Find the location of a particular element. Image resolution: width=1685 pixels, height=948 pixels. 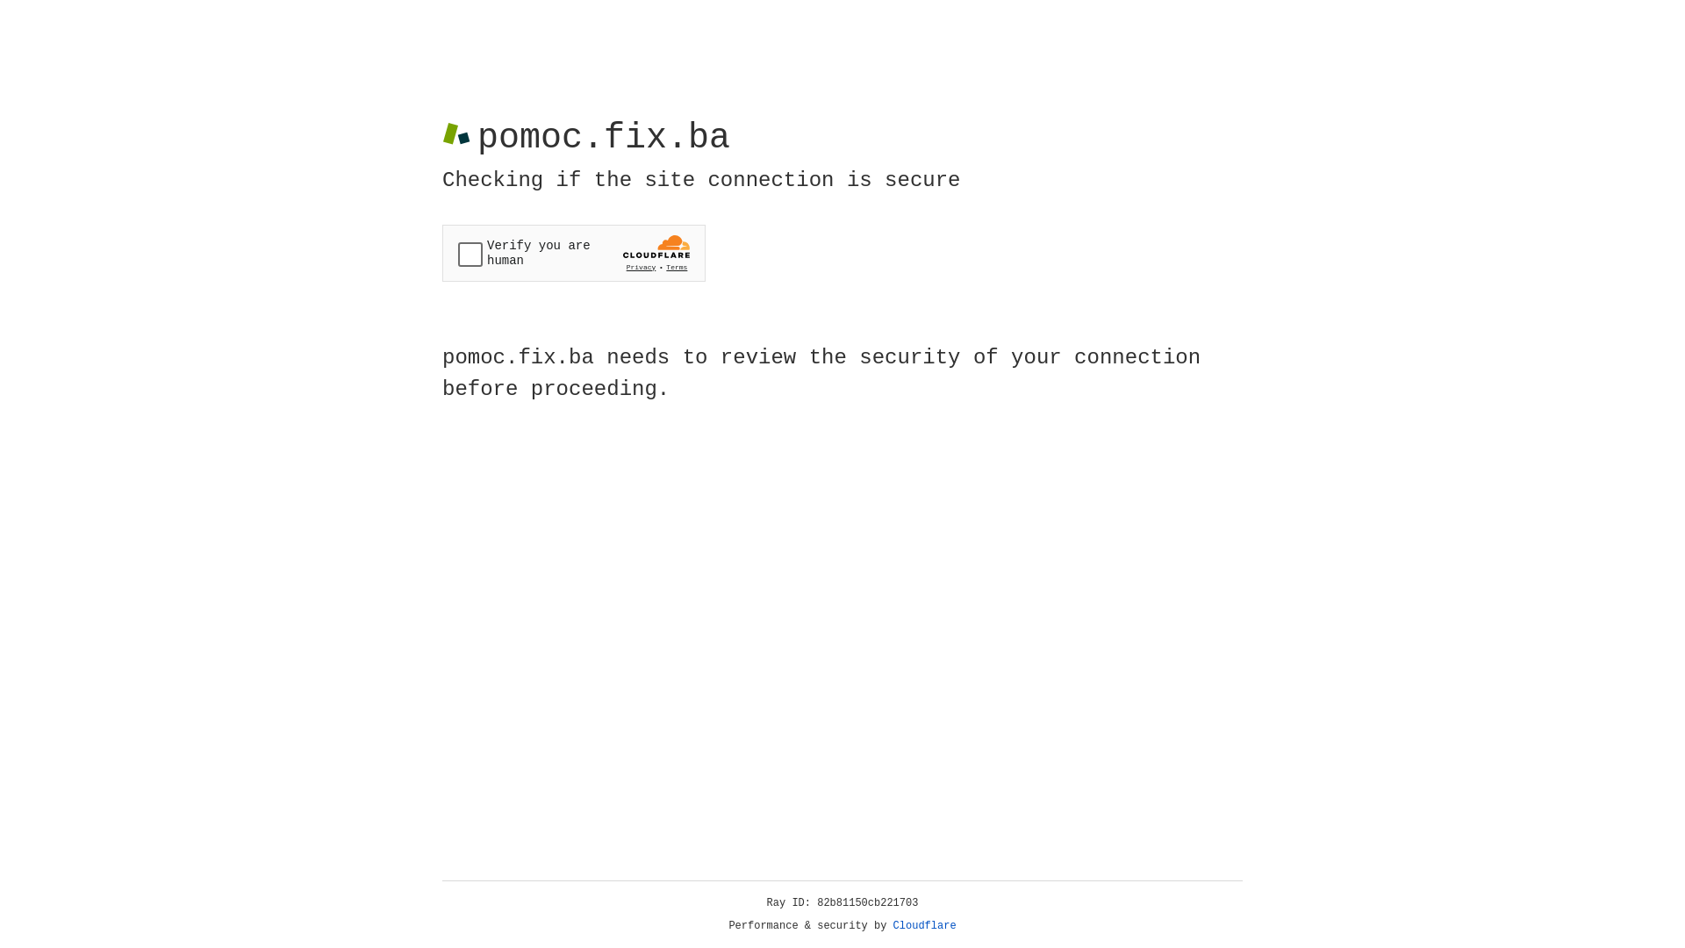

'Cloudflare' is located at coordinates (924, 925).